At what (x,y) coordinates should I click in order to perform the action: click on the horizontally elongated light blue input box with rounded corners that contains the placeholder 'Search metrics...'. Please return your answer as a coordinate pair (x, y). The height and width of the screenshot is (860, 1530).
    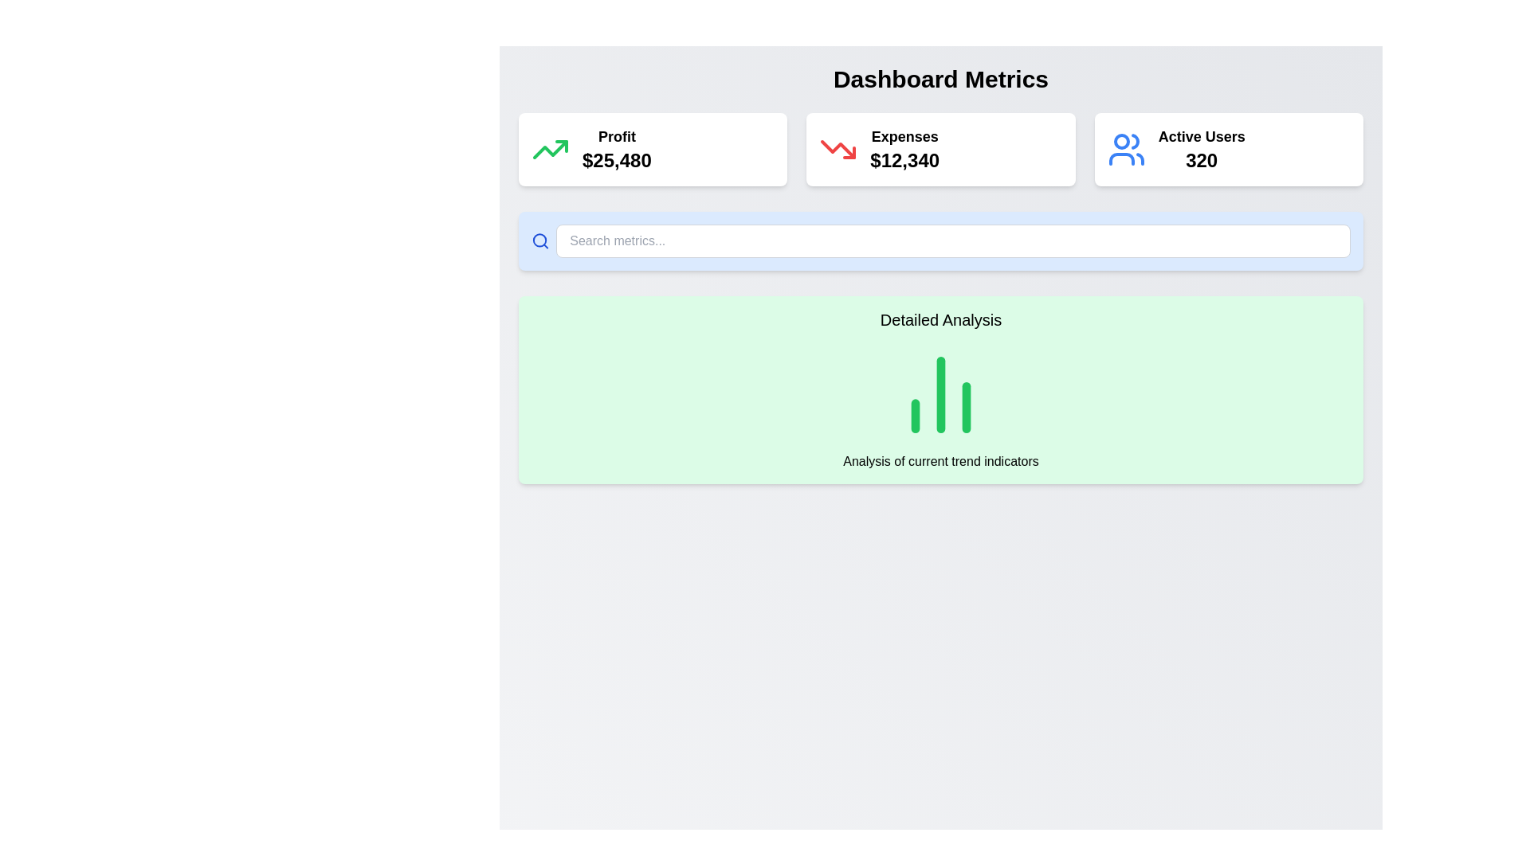
    Looking at the image, I should click on (940, 241).